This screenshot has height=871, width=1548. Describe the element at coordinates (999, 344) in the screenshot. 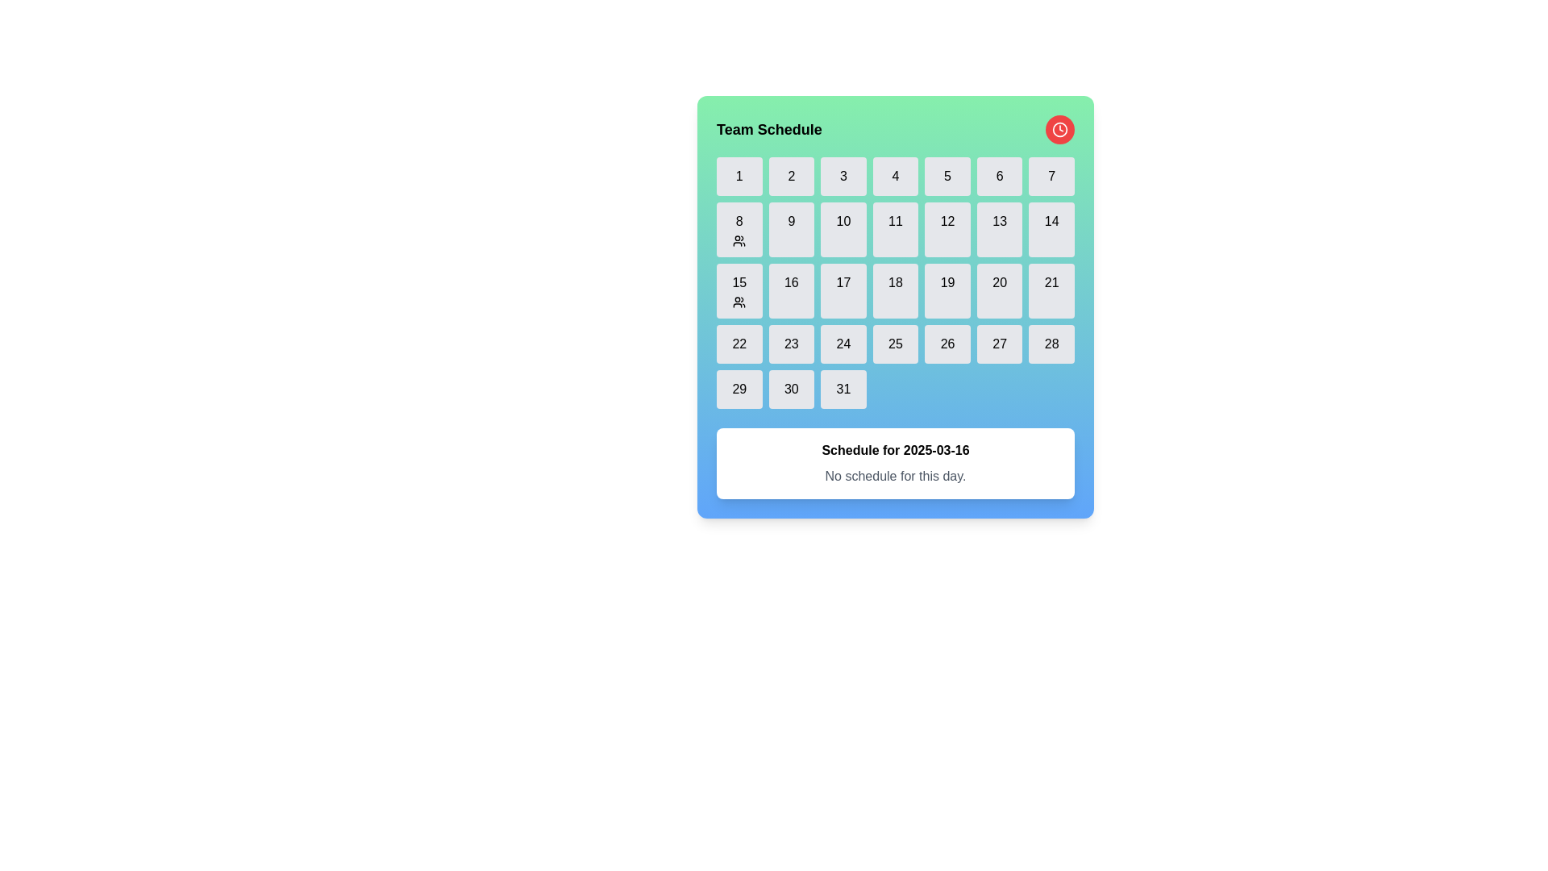

I see `the selectable date element representing the 27th of the month in the calendar grid` at that location.